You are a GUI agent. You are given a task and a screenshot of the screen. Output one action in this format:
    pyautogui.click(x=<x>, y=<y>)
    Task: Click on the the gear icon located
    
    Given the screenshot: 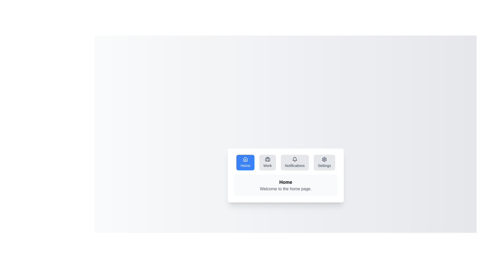 What is the action you would take?
    pyautogui.click(x=324, y=159)
    